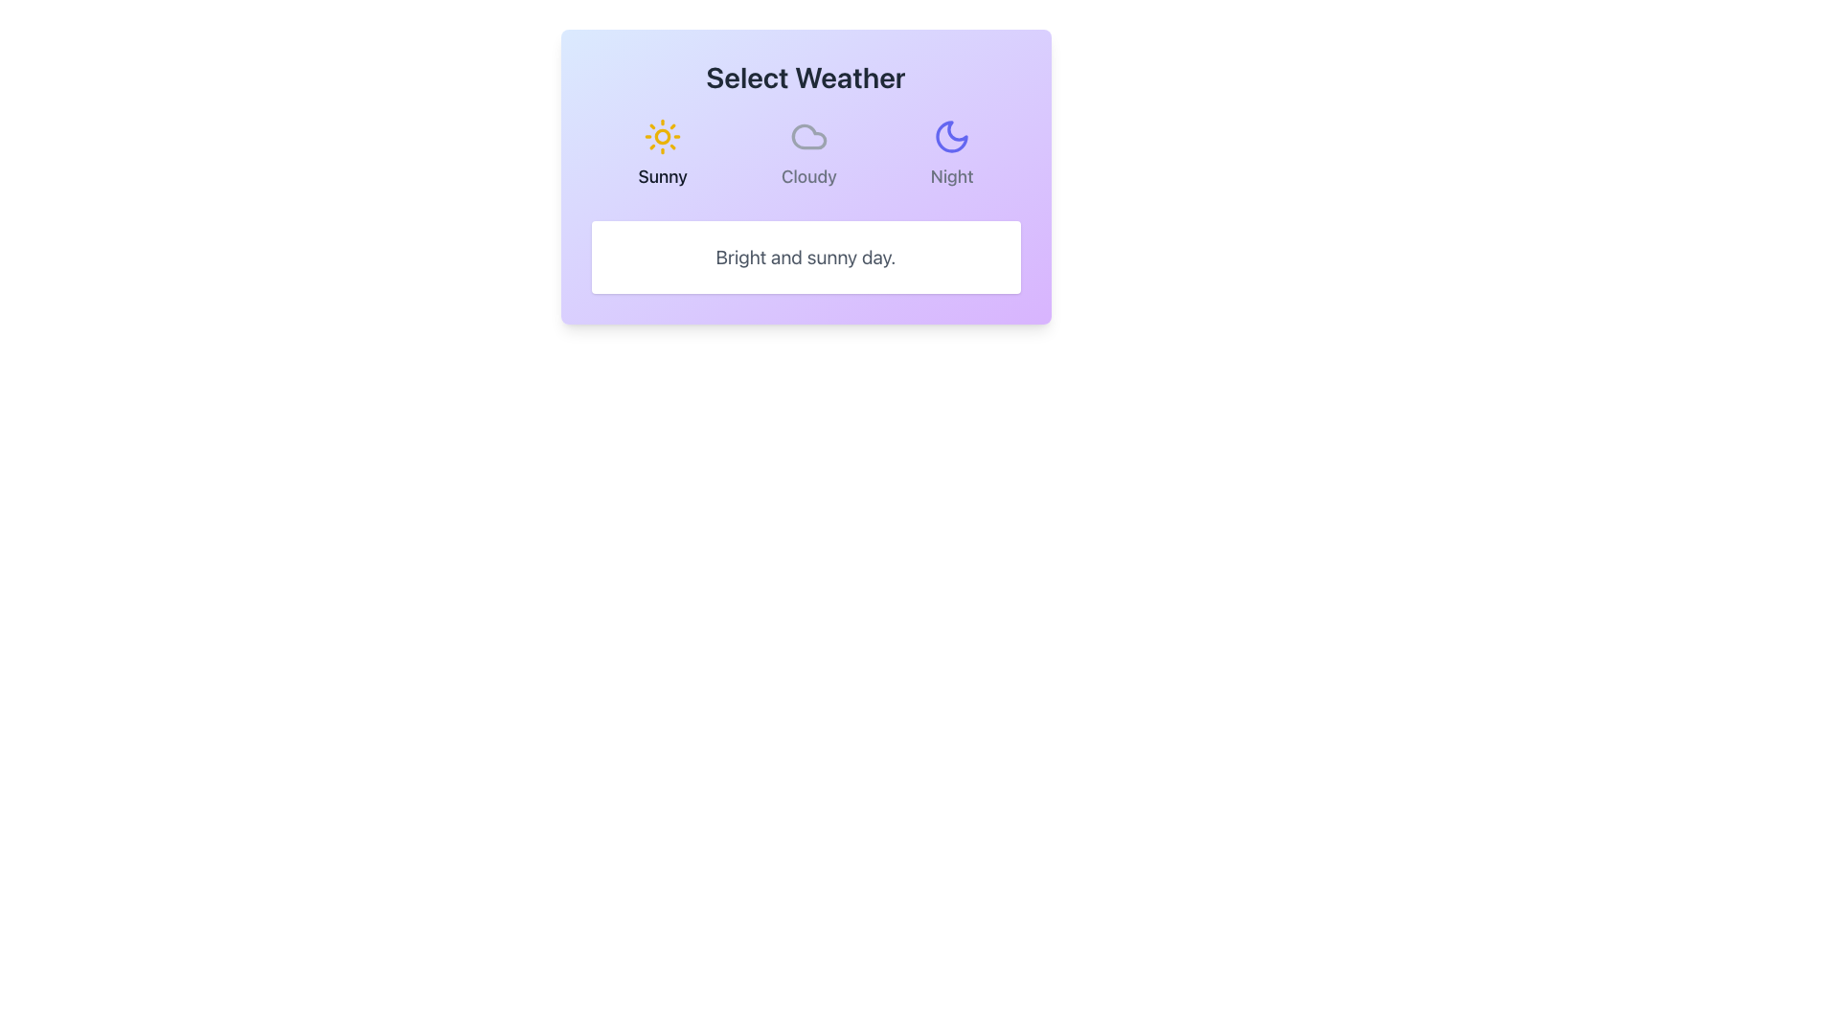  Describe the element at coordinates (663, 135) in the screenshot. I see `the SVG Circle Element that represents the sun icon in the weather selection interface, located on the left side of the options` at that location.